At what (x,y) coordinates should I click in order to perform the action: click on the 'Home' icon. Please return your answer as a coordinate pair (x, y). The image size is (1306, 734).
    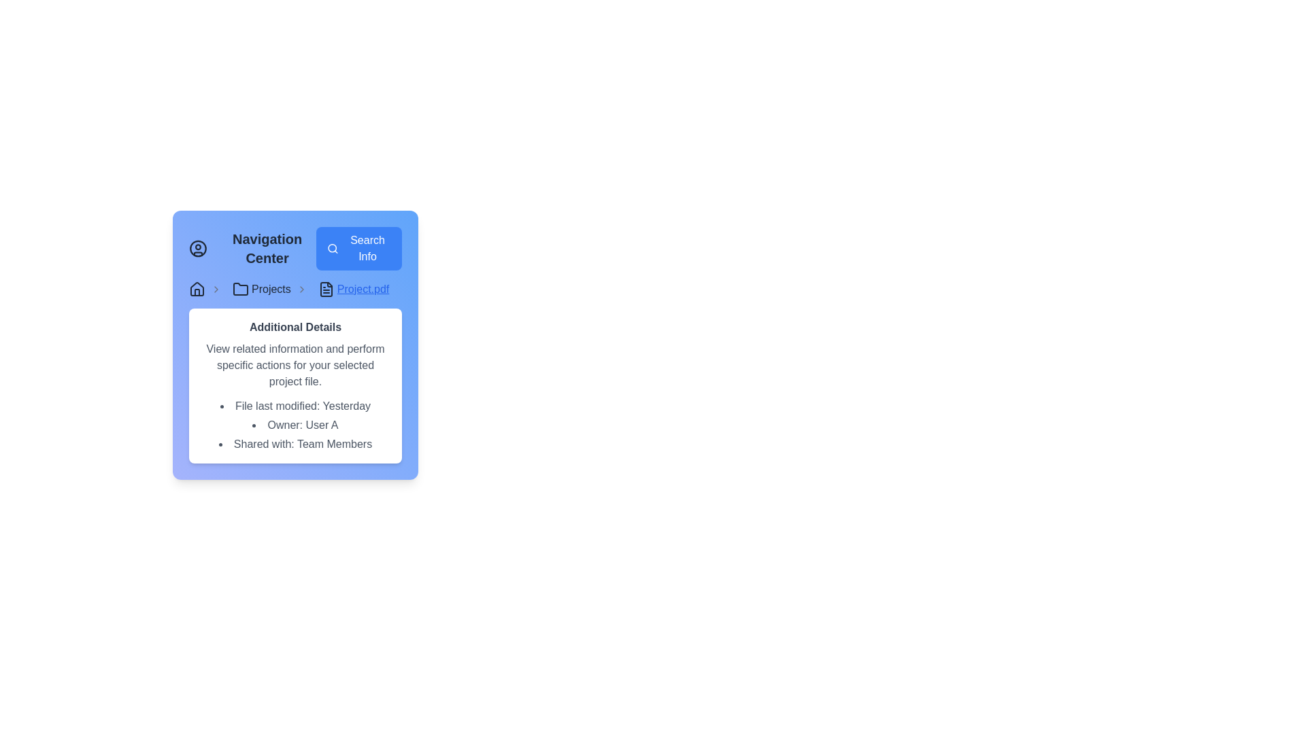
    Looking at the image, I should click on (196, 288).